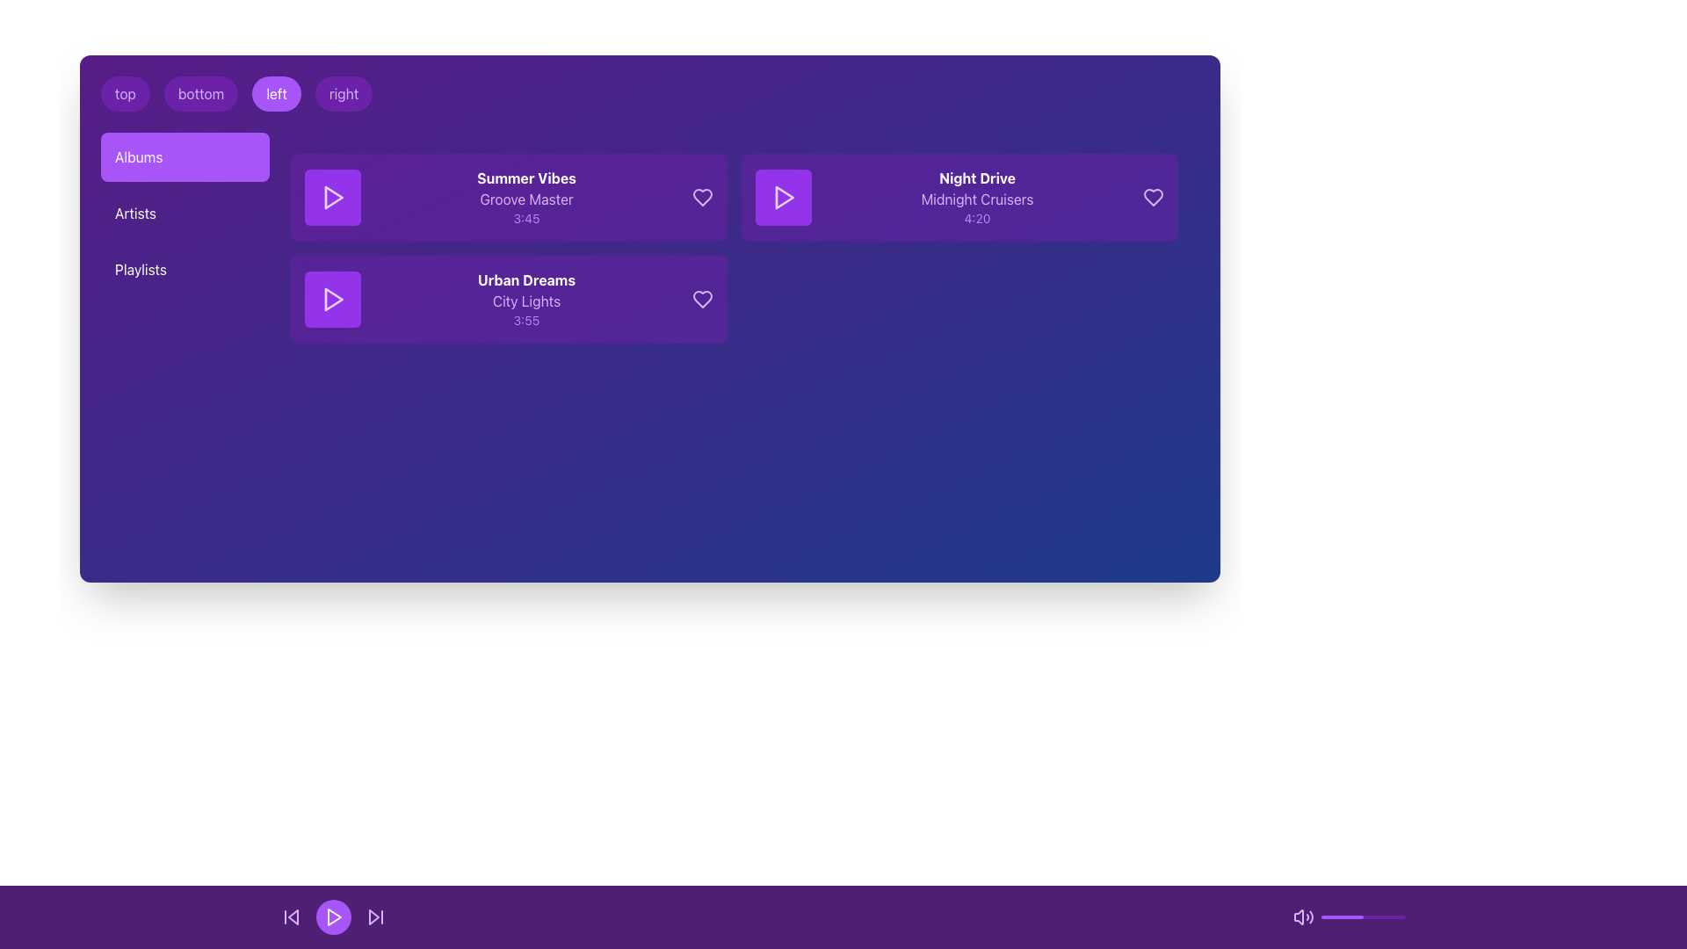  Describe the element at coordinates (333, 916) in the screenshot. I see `the play button located at the bottom center of the interface within the control panel` at that location.